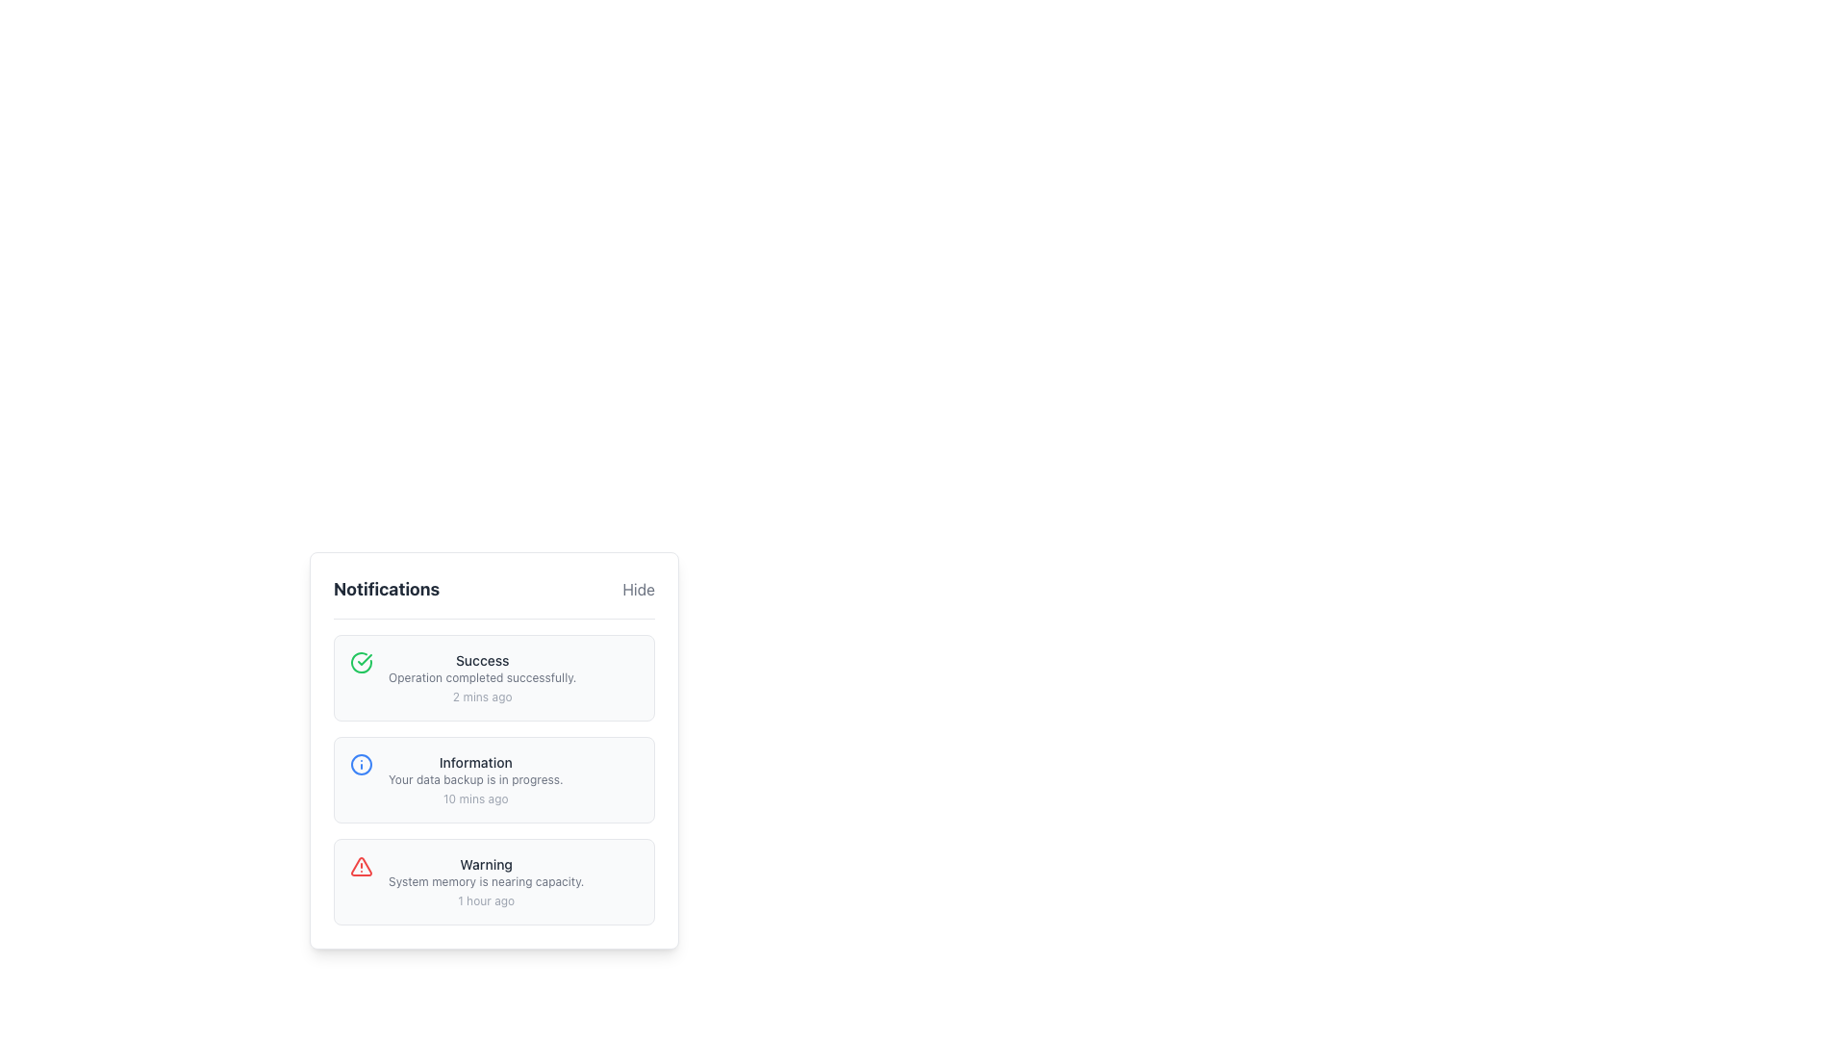 This screenshot has height=1039, width=1847. What do you see at coordinates (482, 677) in the screenshot?
I see `the top notification message component, which indicates successful operation completion and includes a timestamp` at bounding box center [482, 677].